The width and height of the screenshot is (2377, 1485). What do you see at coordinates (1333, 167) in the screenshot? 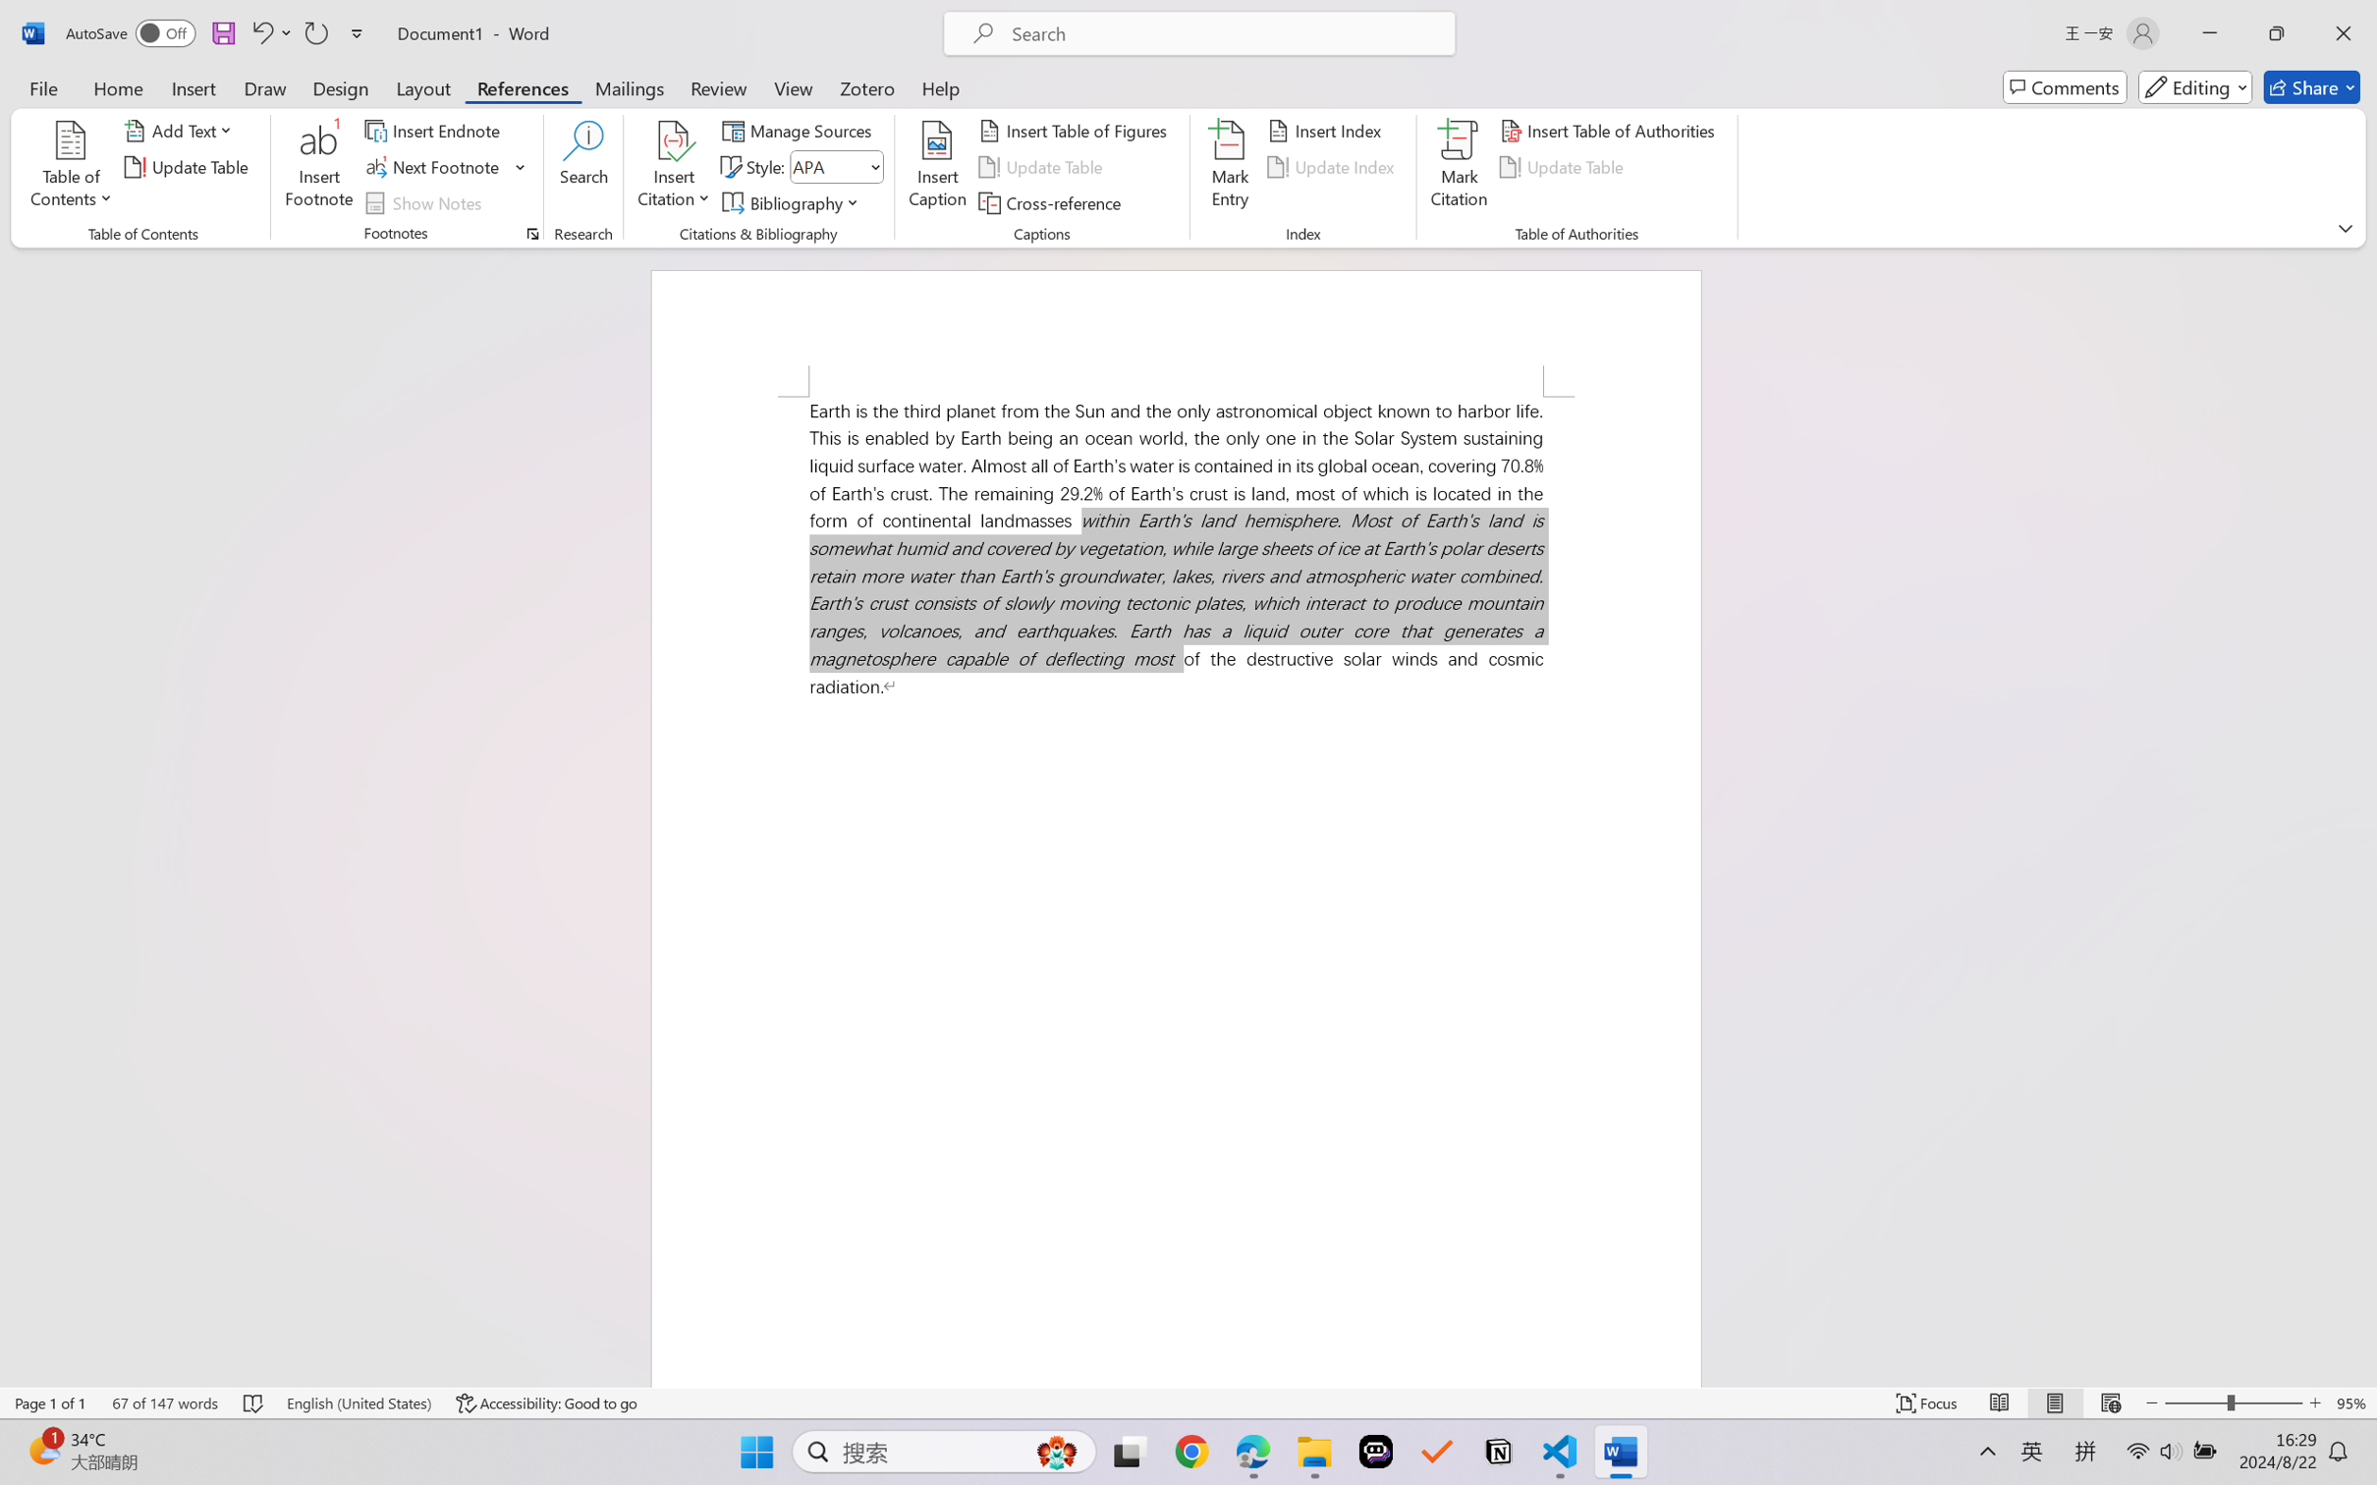
I see `'Update Index'` at bounding box center [1333, 167].